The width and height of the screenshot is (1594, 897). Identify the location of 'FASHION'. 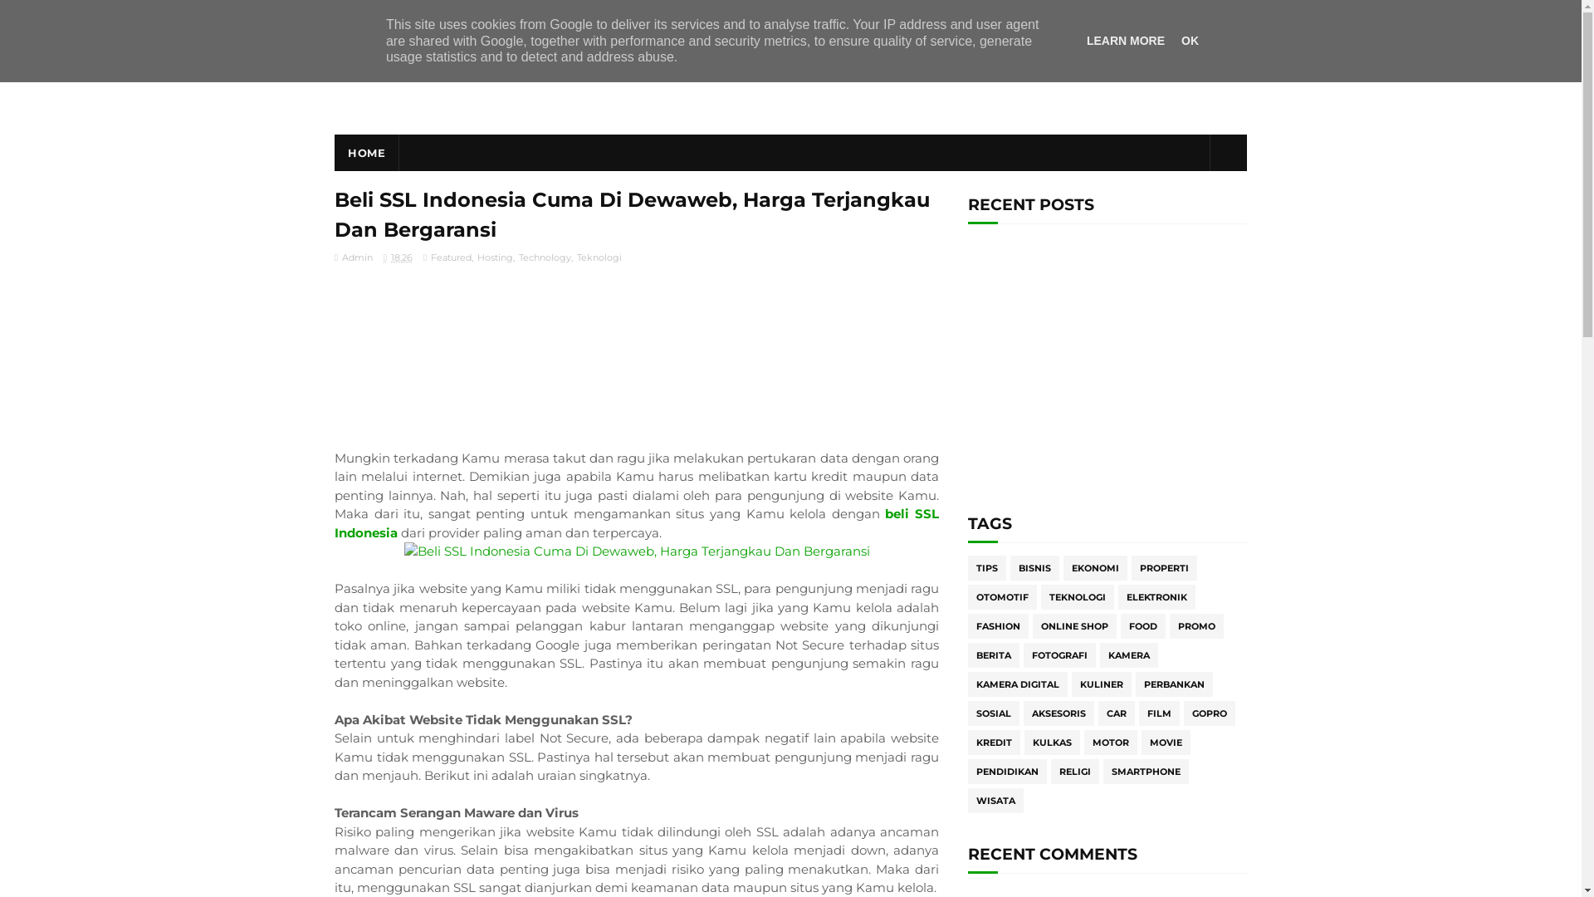
(997, 625).